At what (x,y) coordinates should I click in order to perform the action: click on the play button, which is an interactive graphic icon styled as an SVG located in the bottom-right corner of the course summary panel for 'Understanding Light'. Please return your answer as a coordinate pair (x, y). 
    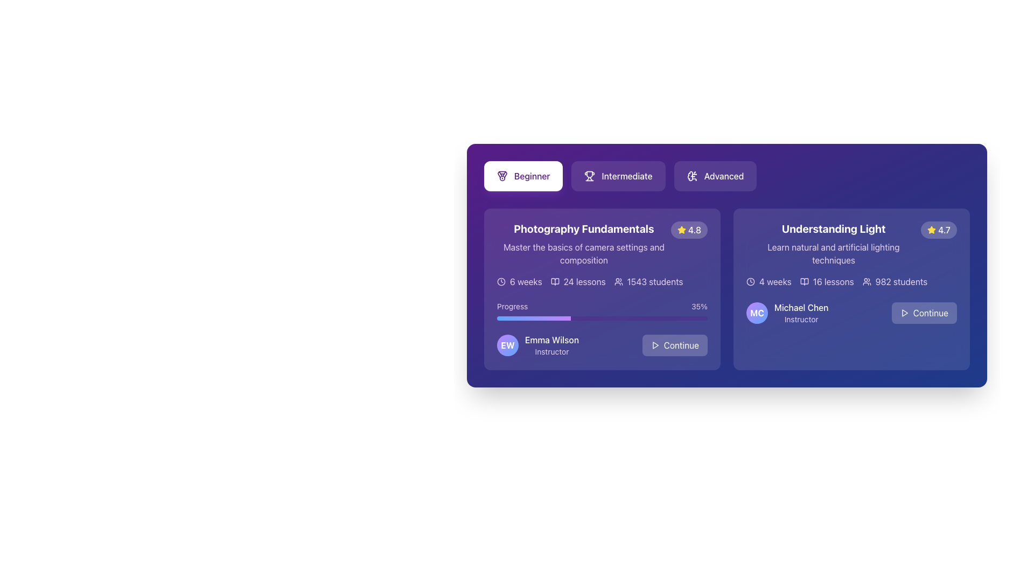
    Looking at the image, I should click on (905, 313).